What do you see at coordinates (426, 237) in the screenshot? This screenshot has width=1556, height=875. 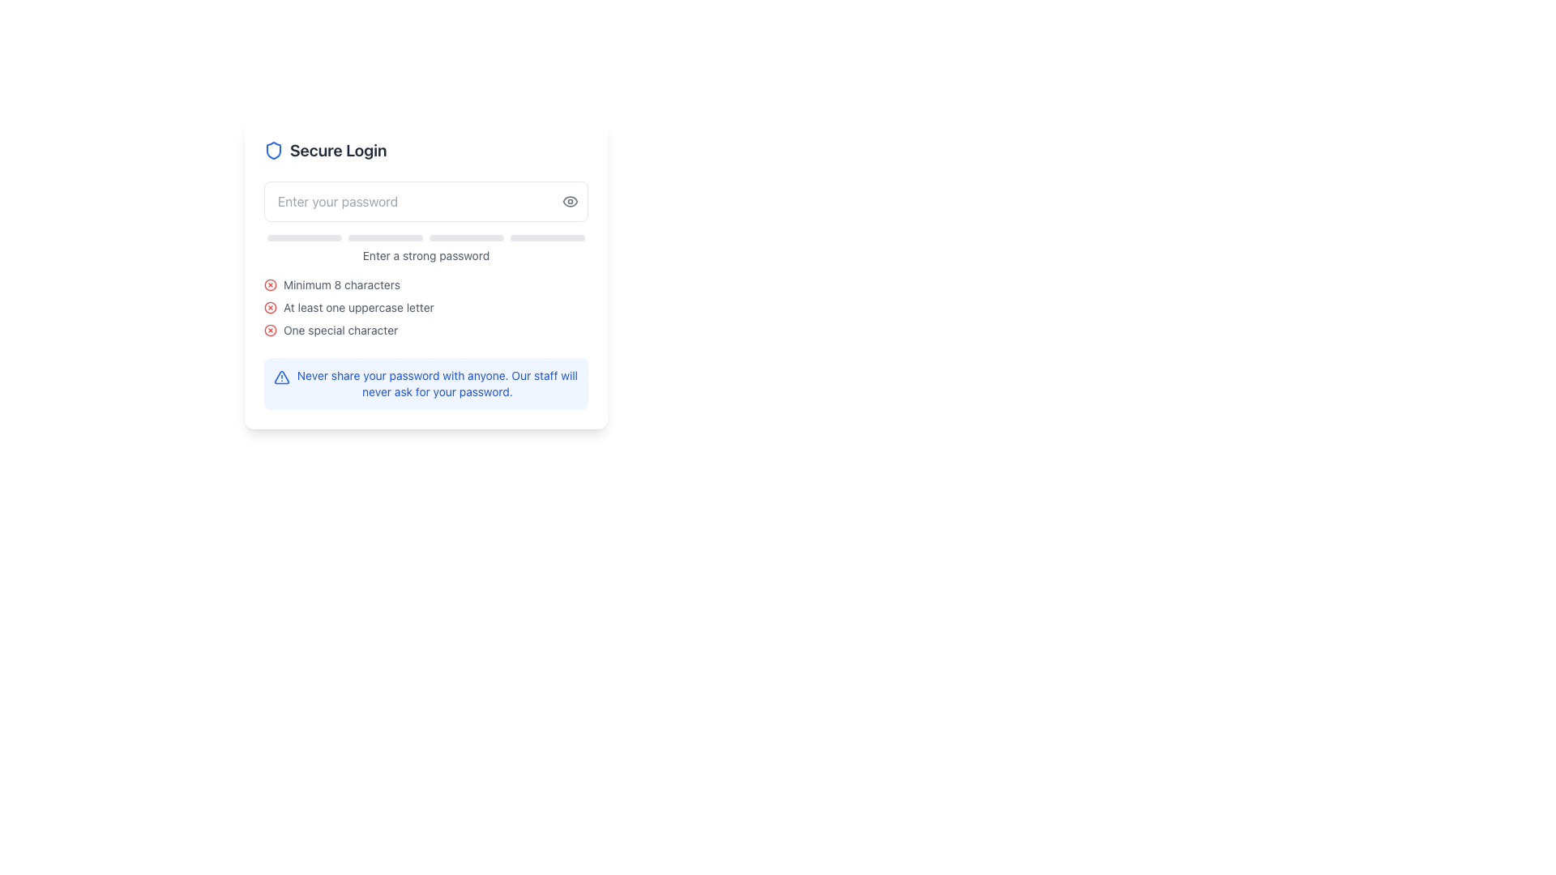 I see `the password strength indicator bar located immediately below the password input field, which visually represents the strength of the entered password` at bounding box center [426, 237].